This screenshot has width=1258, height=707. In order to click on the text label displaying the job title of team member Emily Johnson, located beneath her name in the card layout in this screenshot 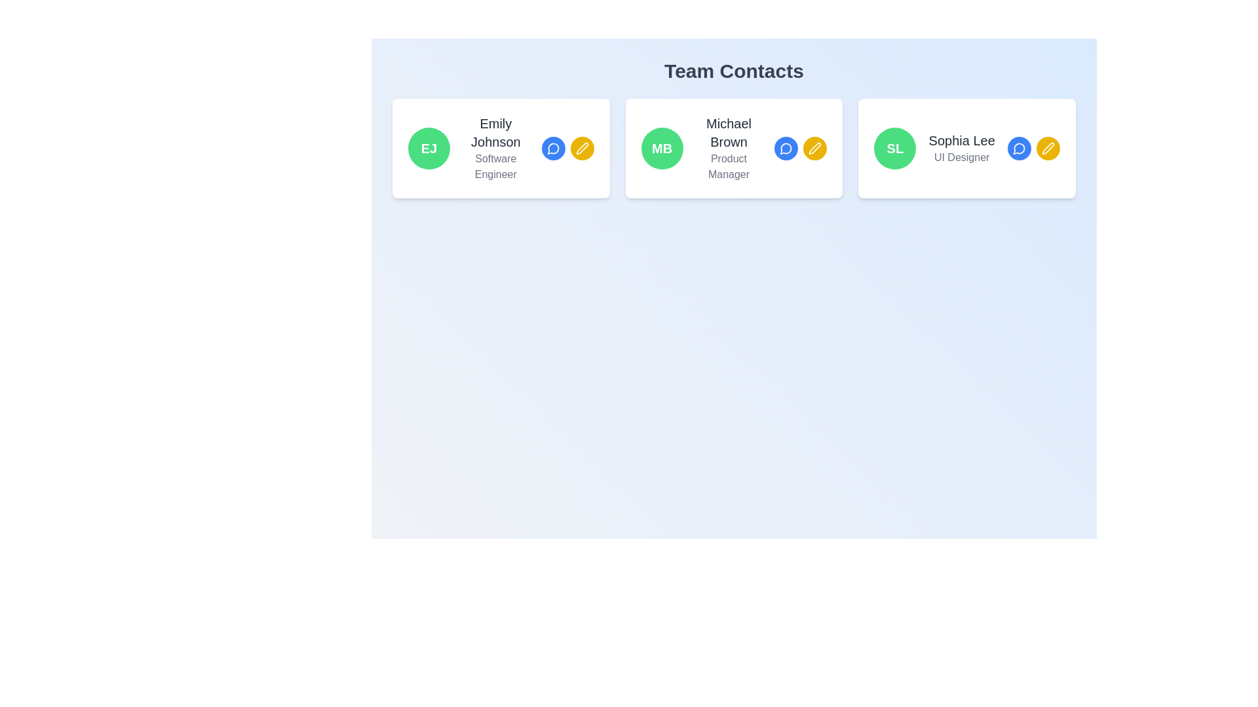, I will do `click(495, 166)`.